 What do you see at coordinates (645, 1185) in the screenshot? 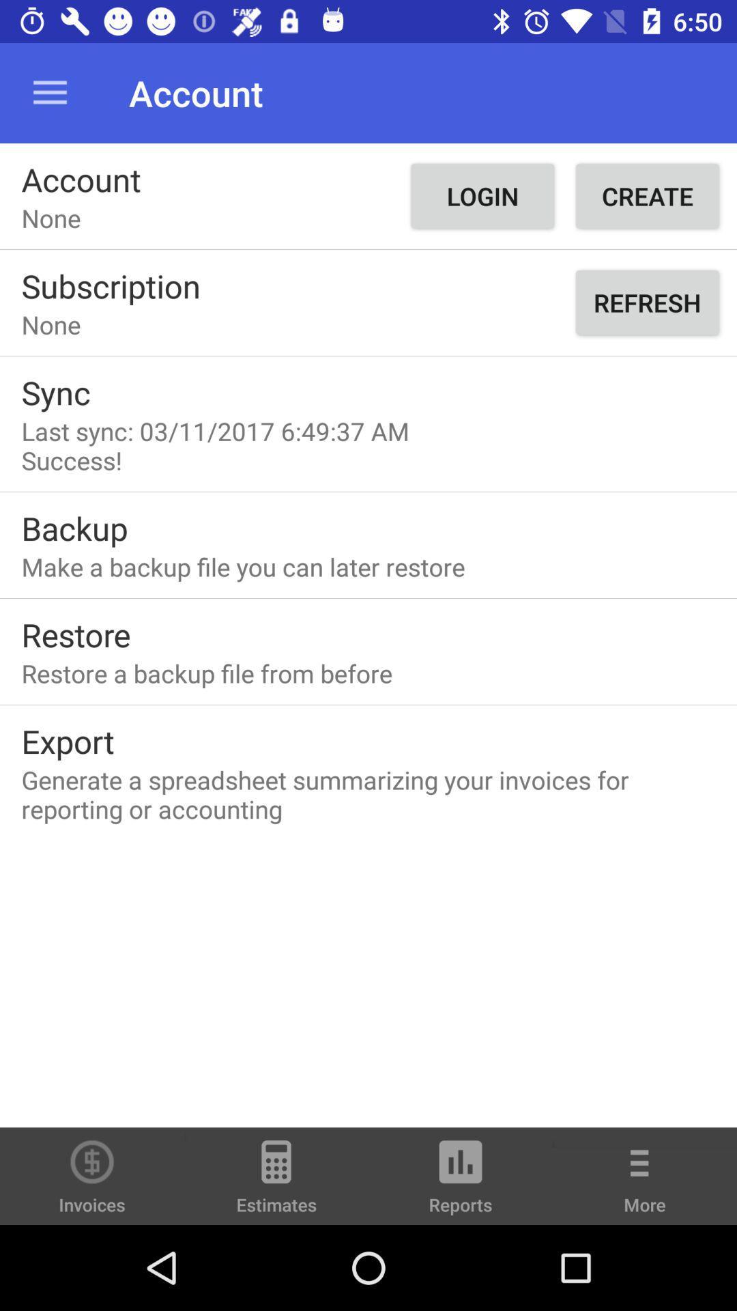
I see `item at the bottom right corner` at bounding box center [645, 1185].